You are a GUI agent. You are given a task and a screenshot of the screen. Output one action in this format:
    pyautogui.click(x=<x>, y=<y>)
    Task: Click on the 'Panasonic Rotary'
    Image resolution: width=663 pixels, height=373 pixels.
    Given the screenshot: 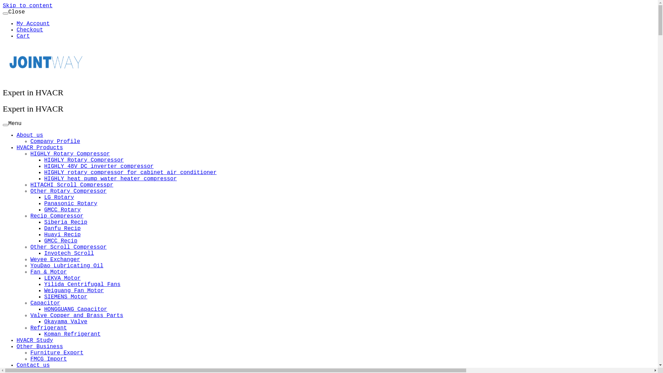 What is the action you would take?
    pyautogui.click(x=44, y=203)
    